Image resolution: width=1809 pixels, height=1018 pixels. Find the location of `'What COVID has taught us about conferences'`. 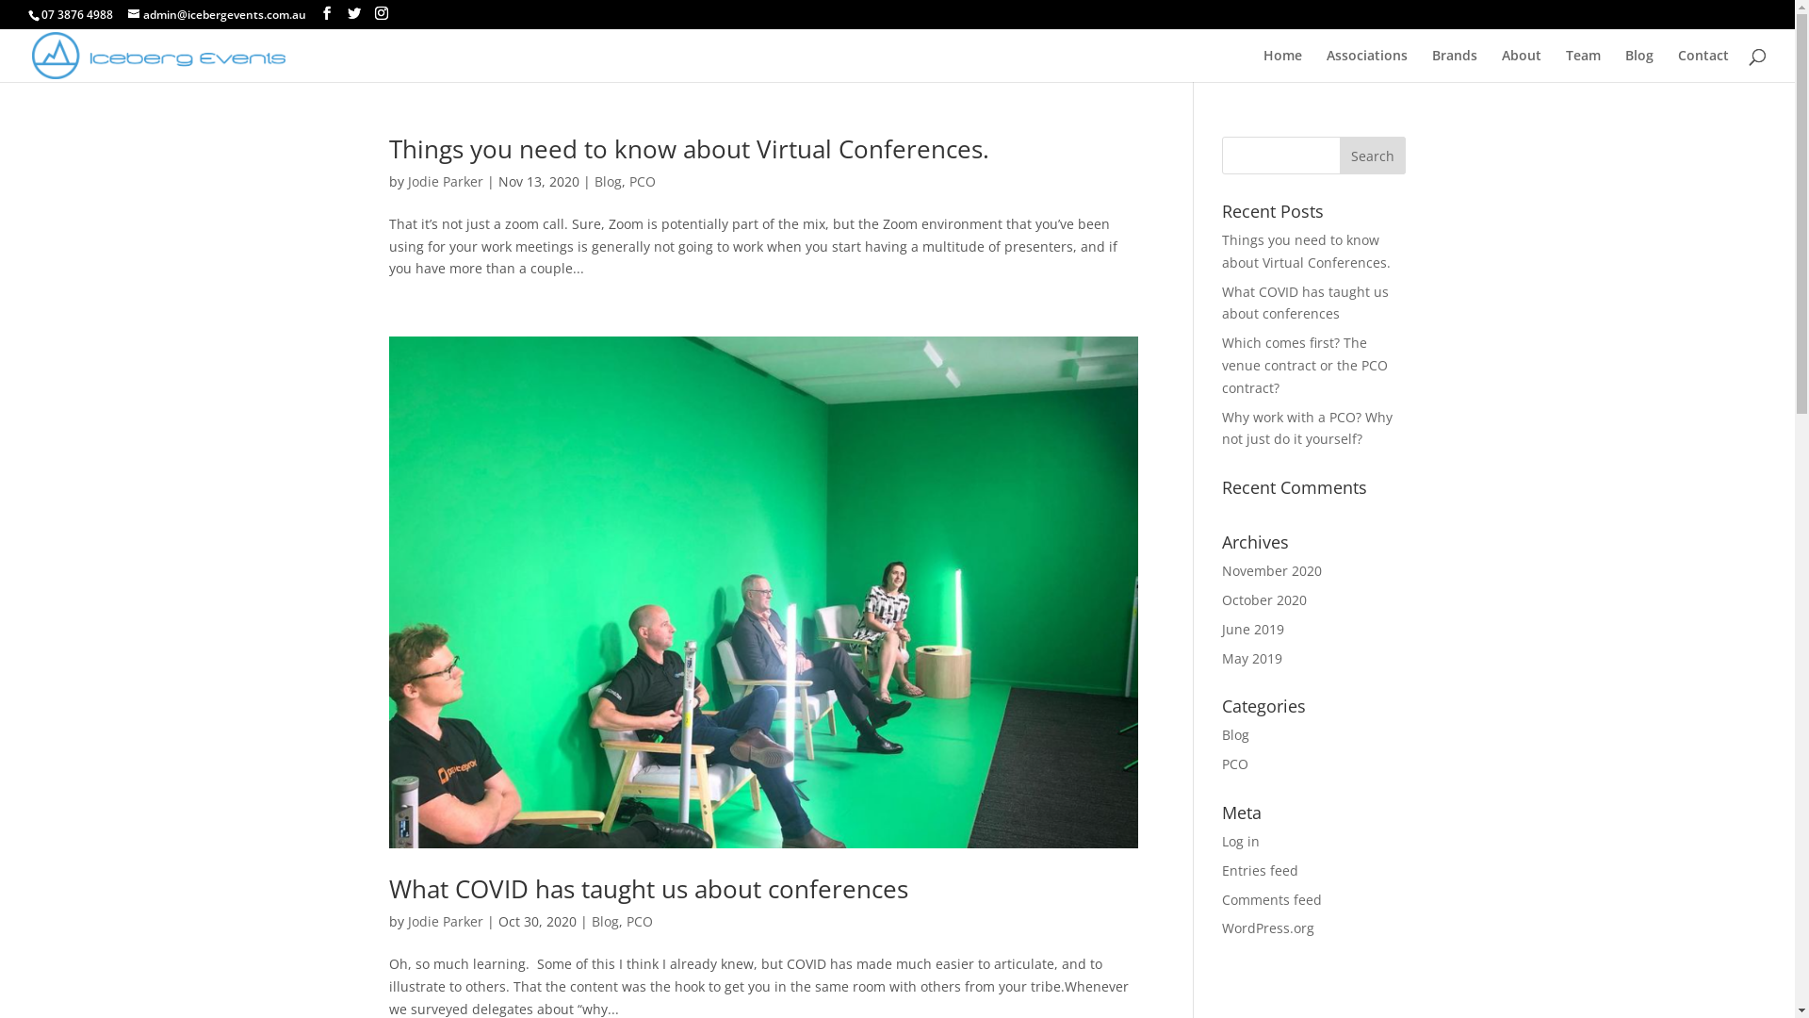

'What COVID has taught us about conferences' is located at coordinates (647, 888).